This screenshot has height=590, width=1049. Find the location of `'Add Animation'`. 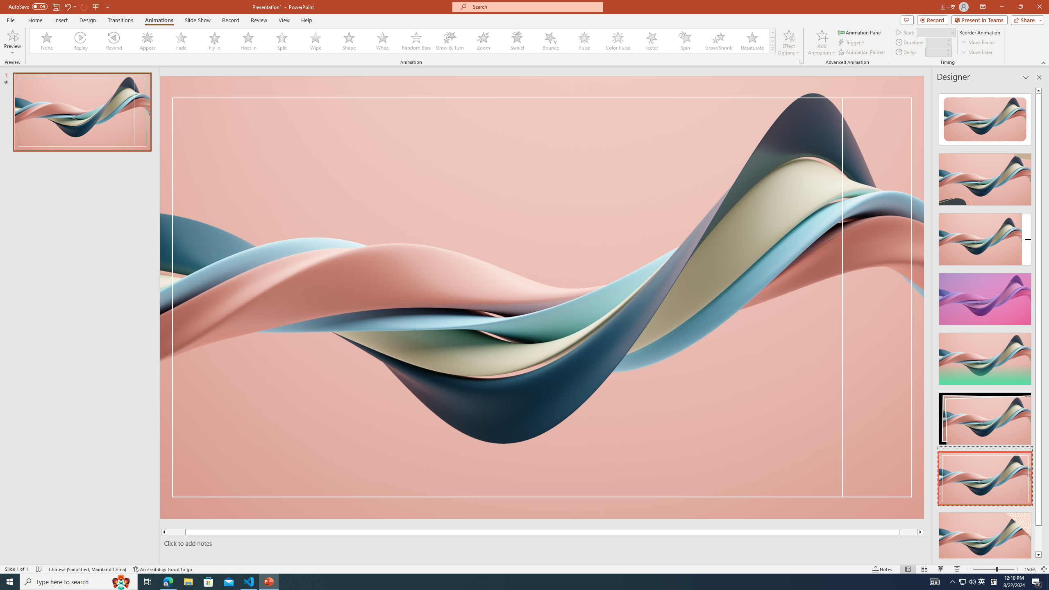

'Add Animation' is located at coordinates (822, 42).